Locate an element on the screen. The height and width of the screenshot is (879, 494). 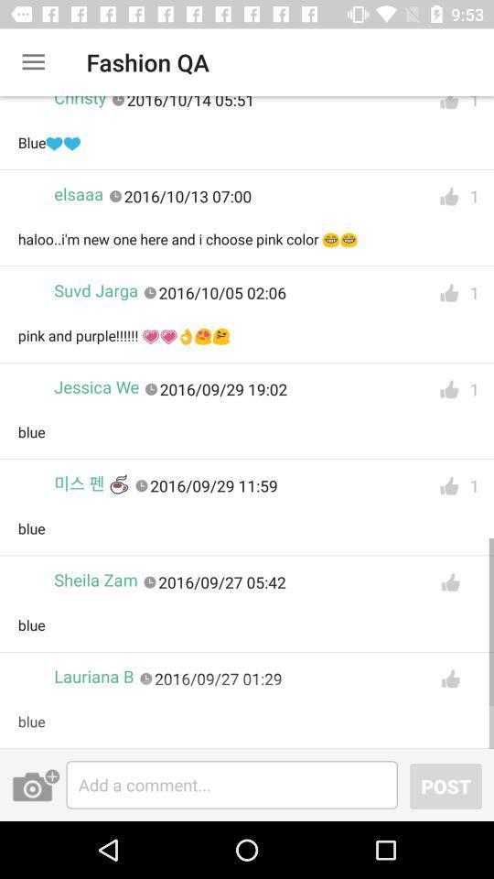
send like to post is located at coordinates (449, 678).